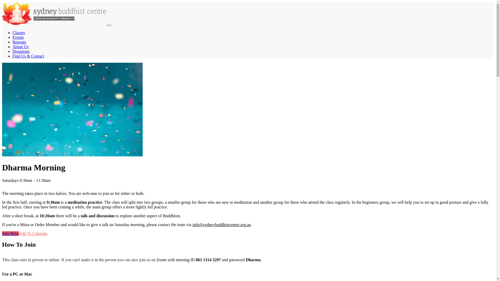 The height and width of the screenshot is (281, 500). I want to click on 'About Us', so click(20, 46).